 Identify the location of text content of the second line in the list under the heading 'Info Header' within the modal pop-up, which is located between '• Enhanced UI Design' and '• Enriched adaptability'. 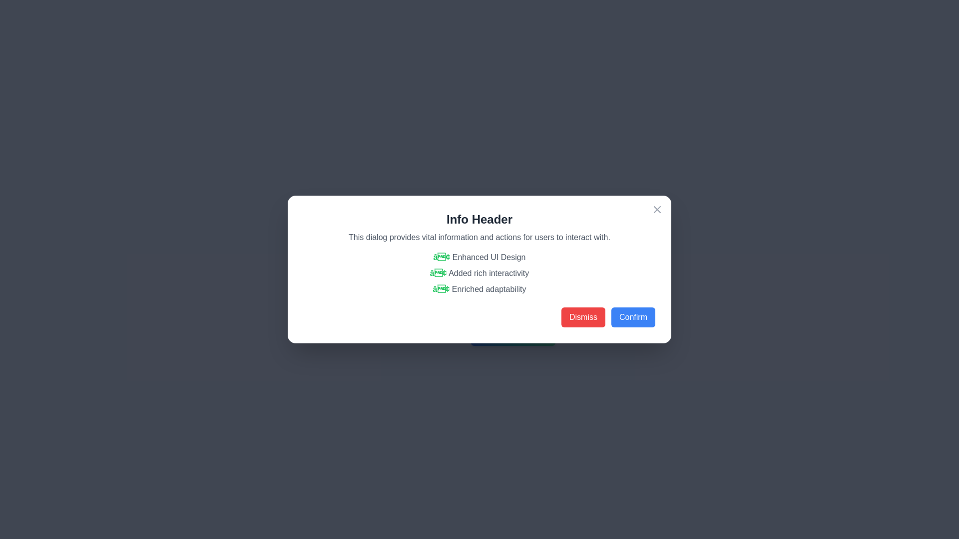
(479, 273).